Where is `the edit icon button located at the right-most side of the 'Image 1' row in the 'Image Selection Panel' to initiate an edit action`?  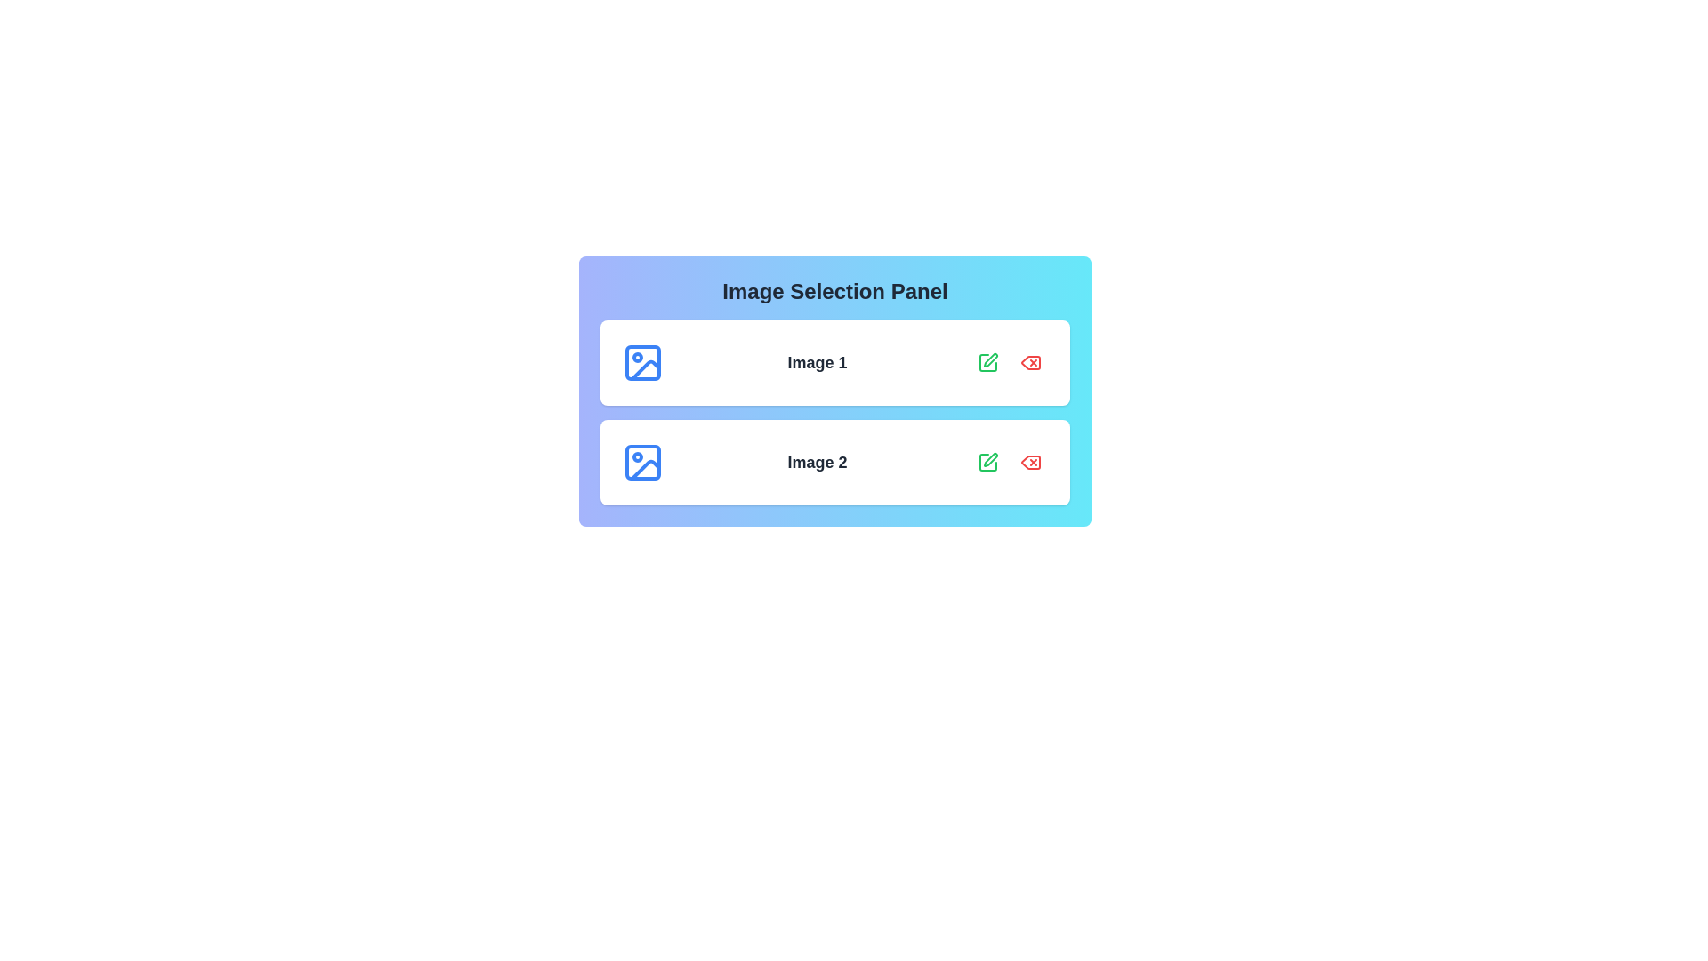 the edit icon button located at the right-most side of the 'Image 1' row in the 'Image Selection Panel' to initiate an edit action is located at coordinates (989, 360).